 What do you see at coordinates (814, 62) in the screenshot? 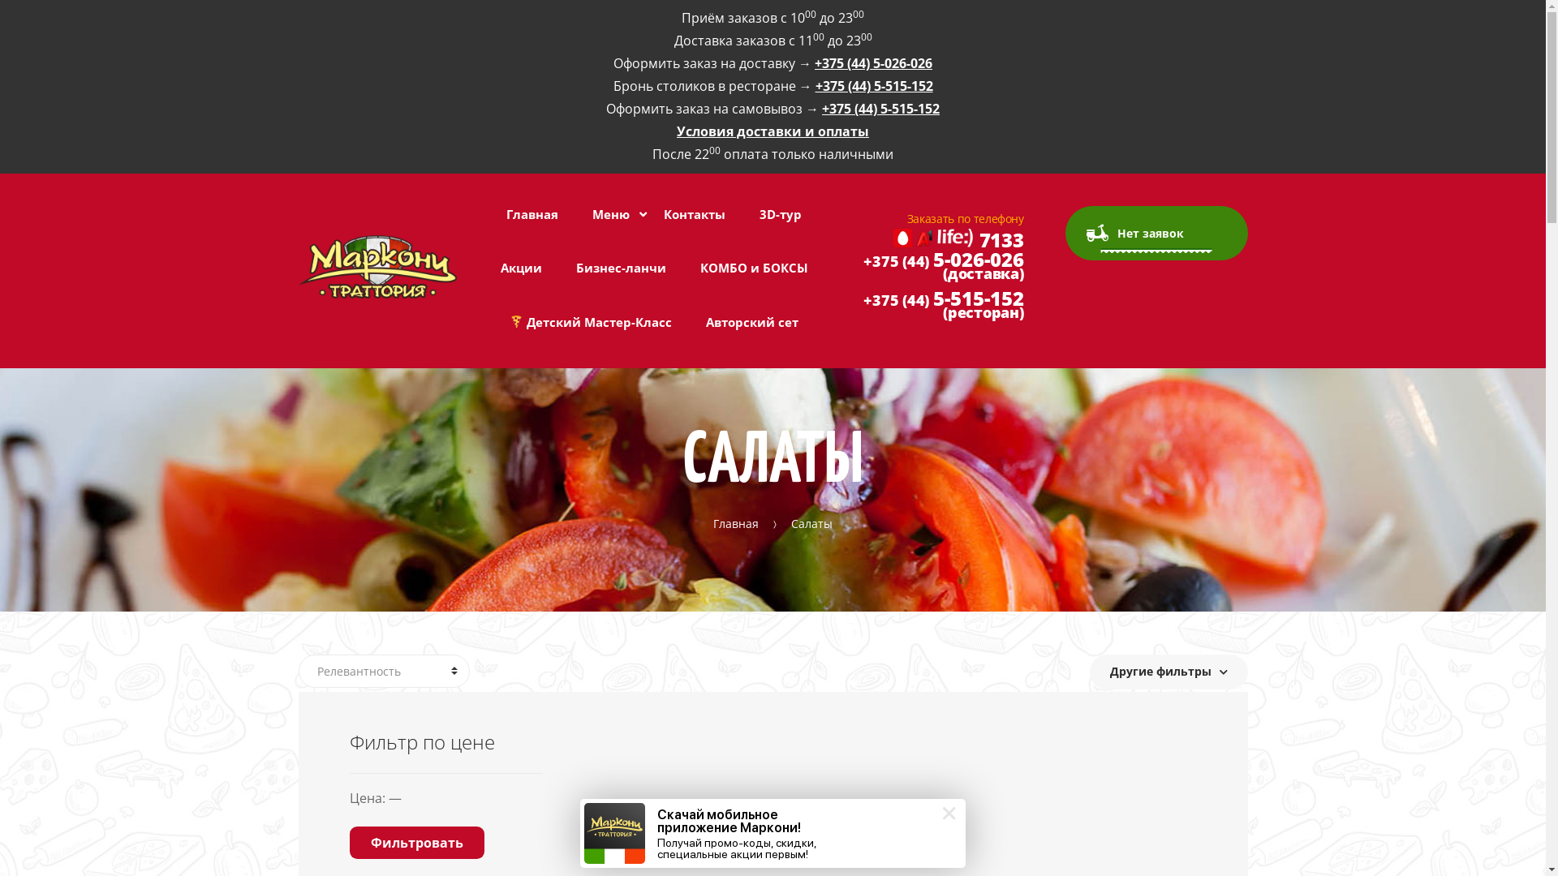
I see `'+375 (44) 5-026-026'` at bounding box center [814, 62].